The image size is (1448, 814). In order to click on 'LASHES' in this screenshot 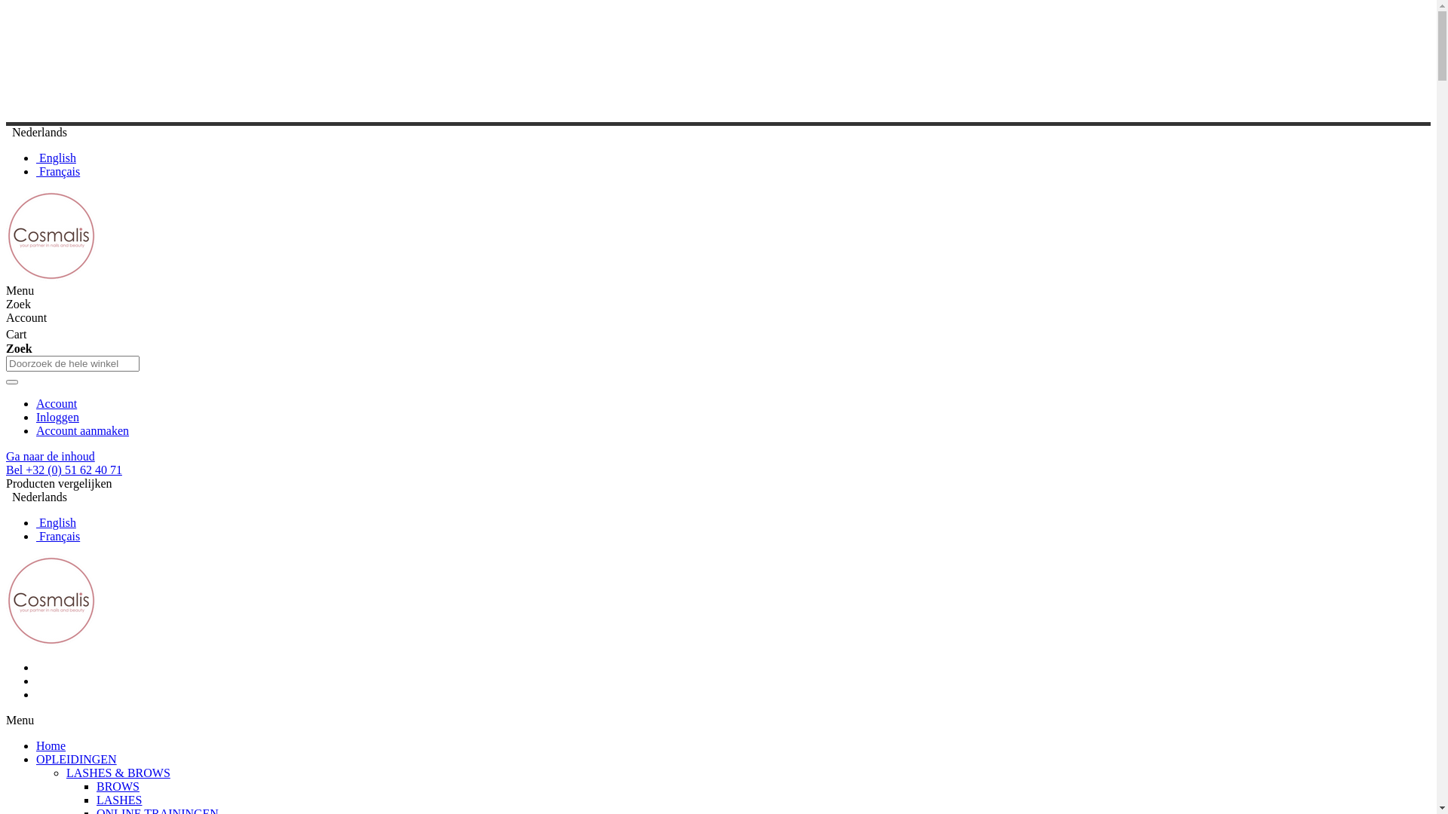, I will do `click(96, 799)`.